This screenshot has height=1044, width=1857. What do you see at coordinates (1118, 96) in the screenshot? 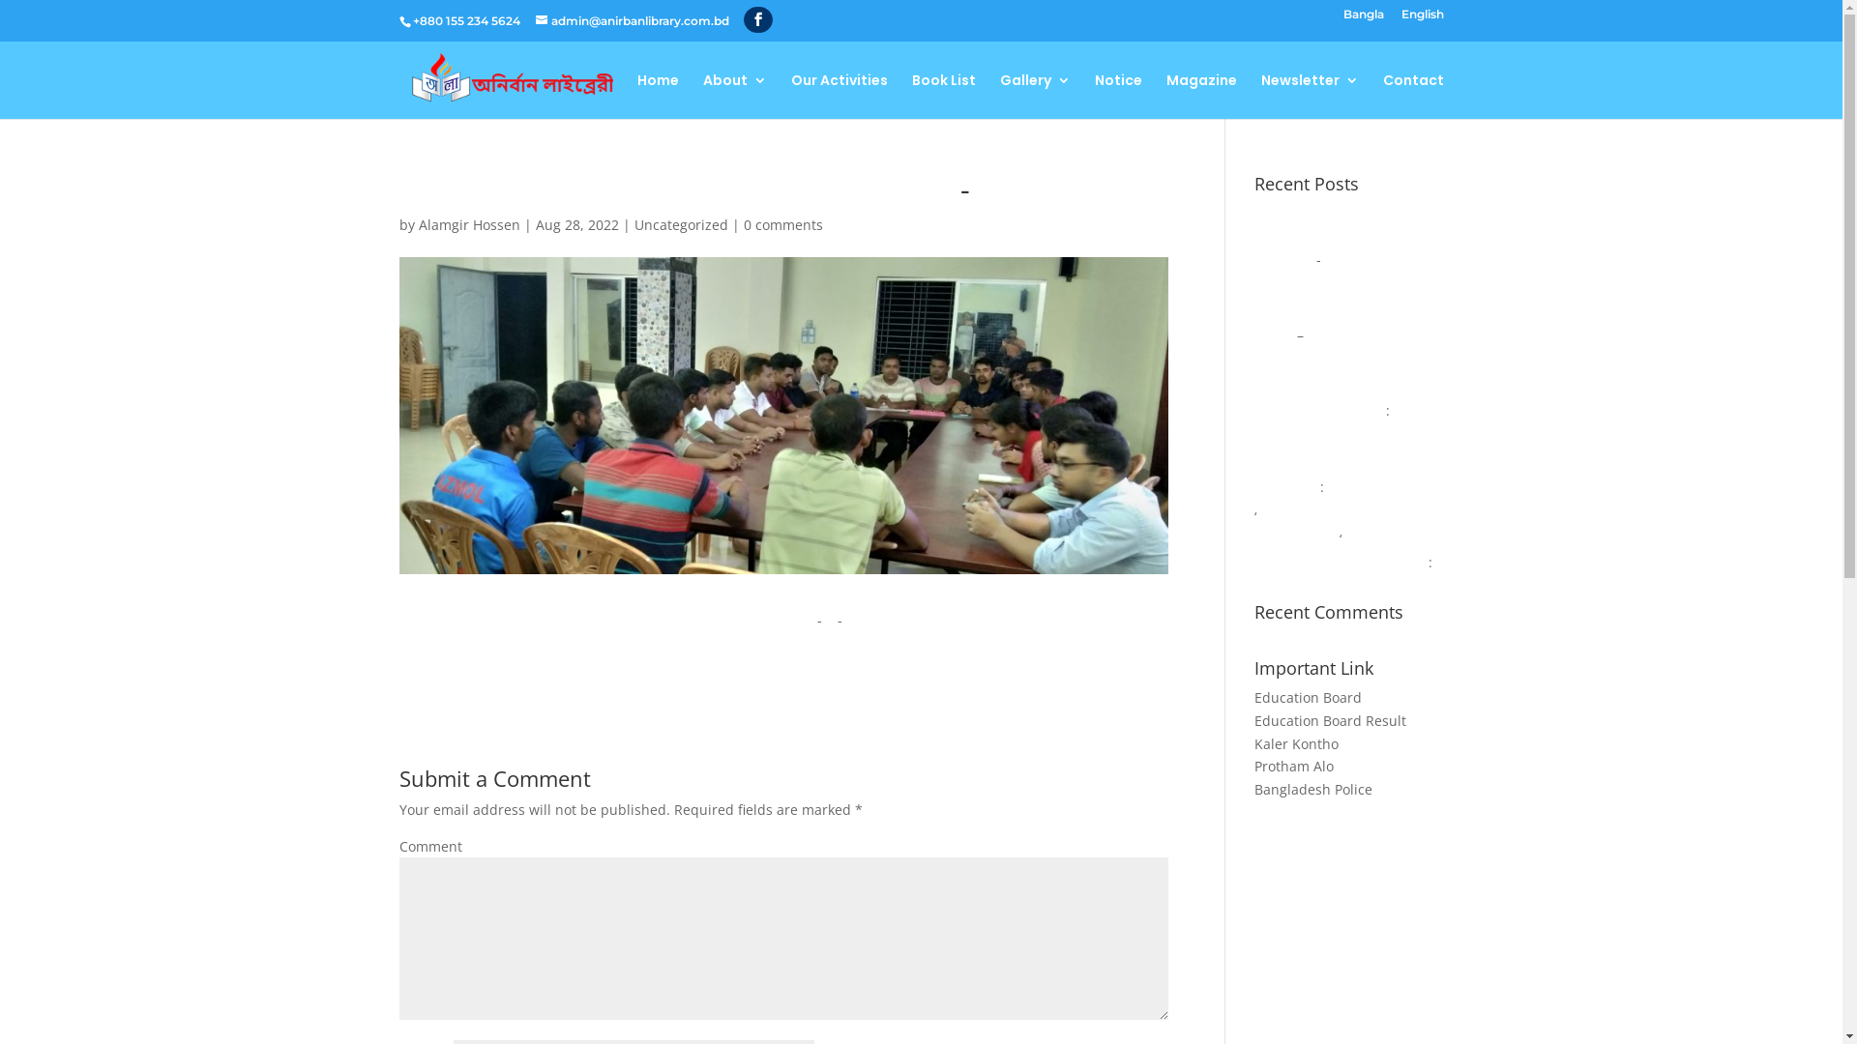
I see `'Notice'` at bounding box center [1118, 96].